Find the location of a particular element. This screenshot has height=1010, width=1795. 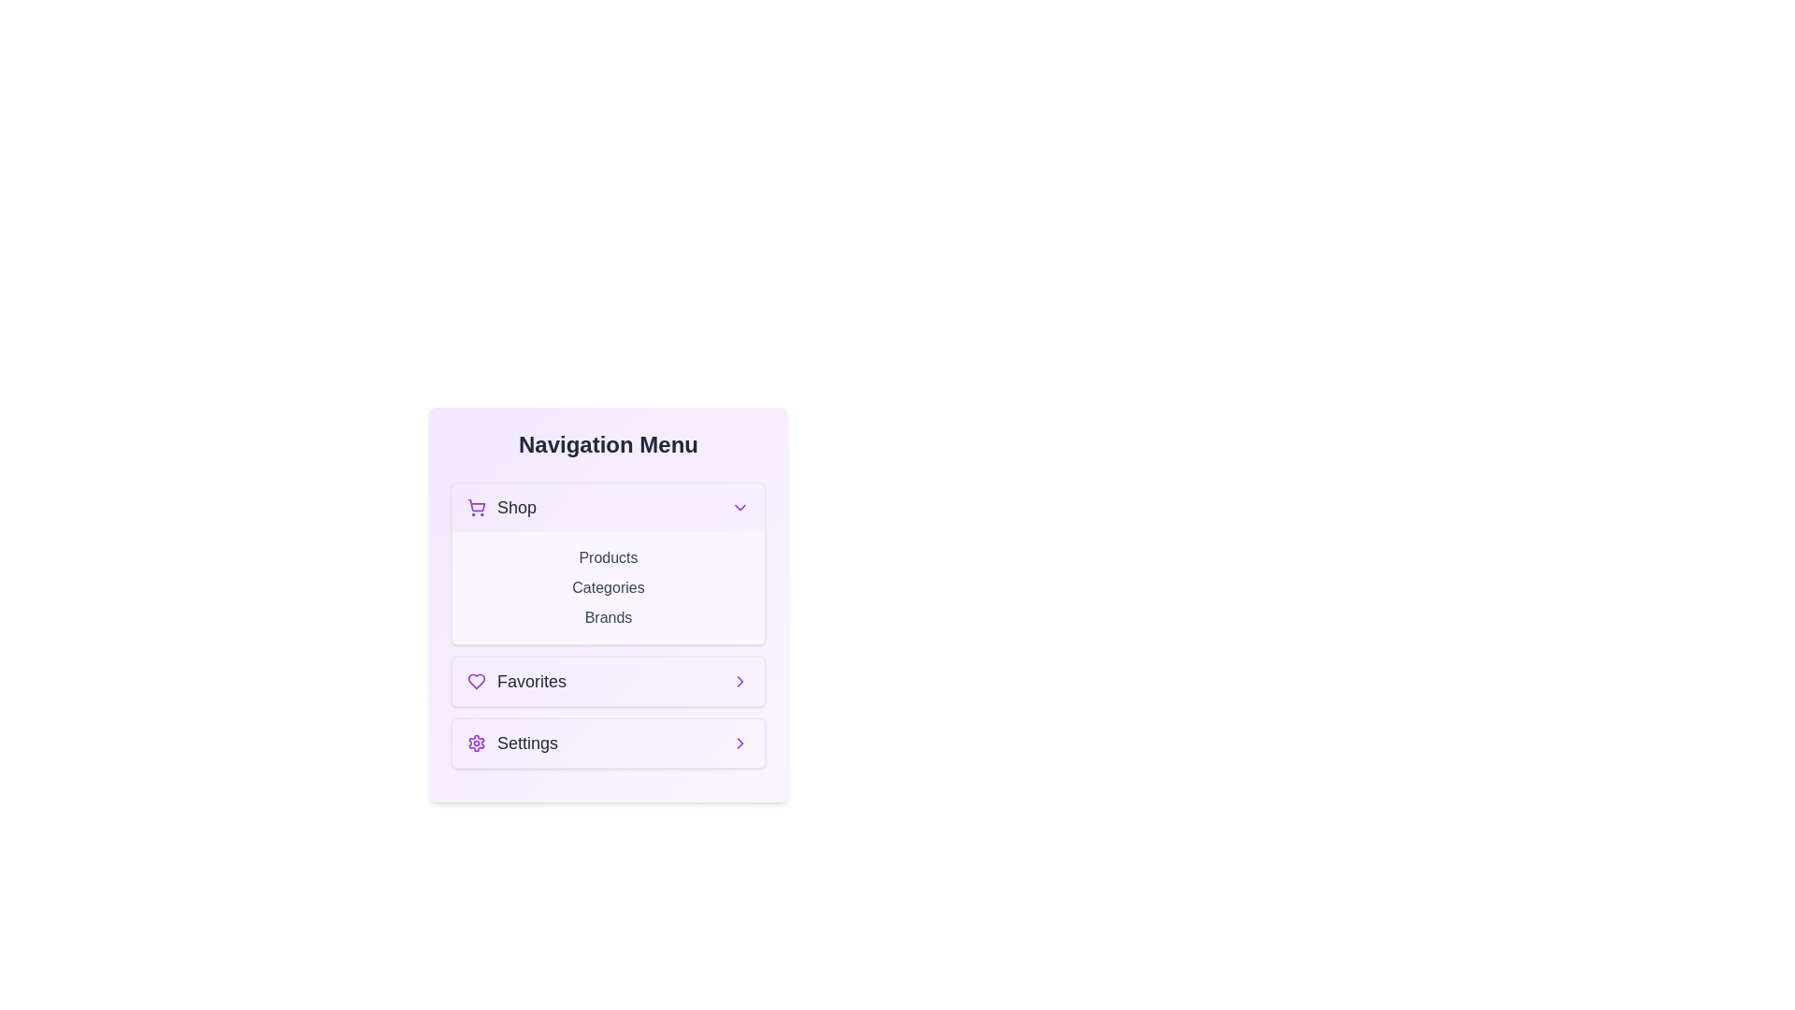

the 'Categories' text label in the purple-themed navigation menu, which is styled in gray and transitions to purple on hover is located at coordinates (609, 586).